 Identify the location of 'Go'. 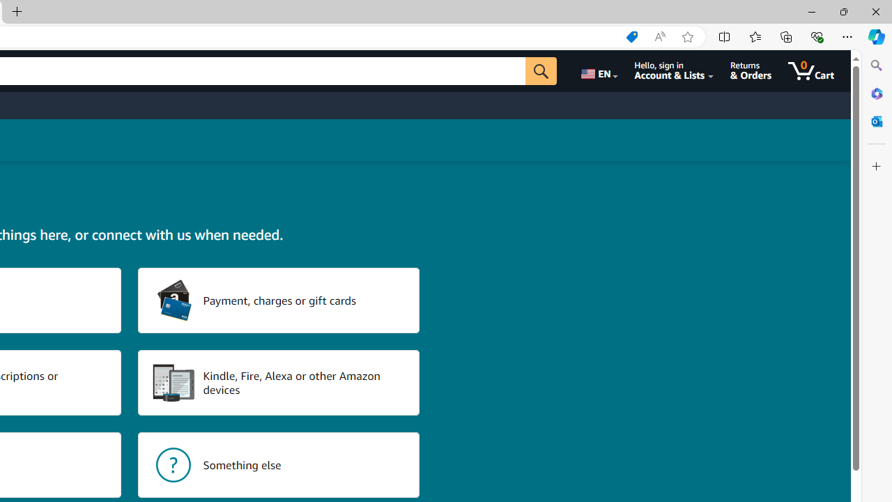
(540, 70).